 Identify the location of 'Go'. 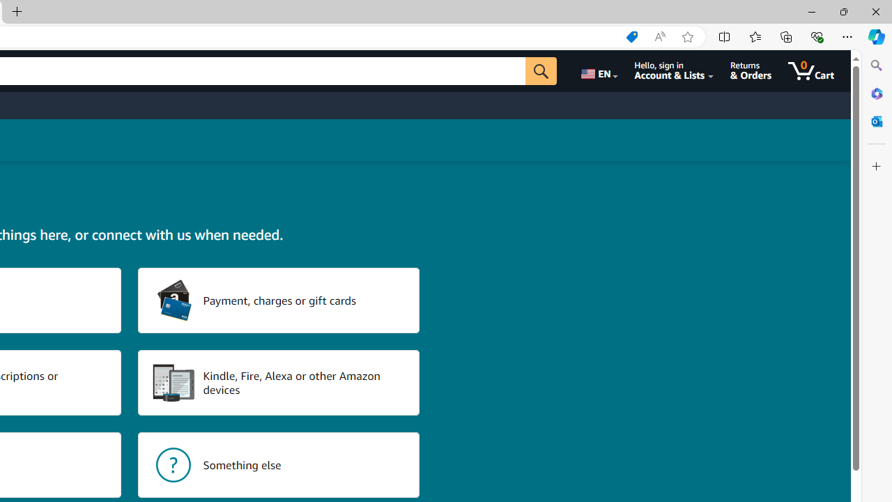
(540, 70).